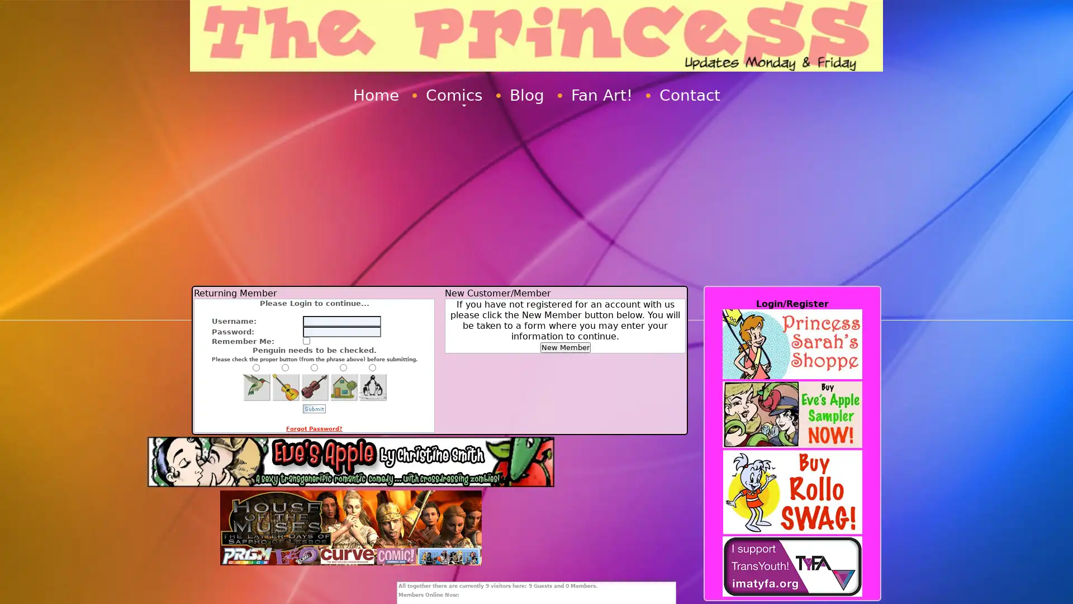  I want to click on New Member, so click(565, 346).